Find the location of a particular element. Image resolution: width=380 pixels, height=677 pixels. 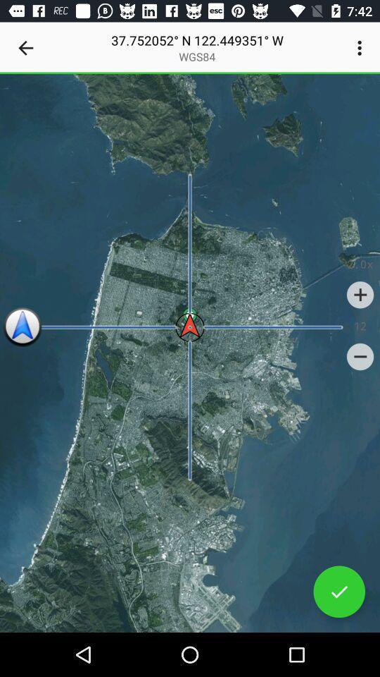

icon on the left is located at coordinates (22, 327).